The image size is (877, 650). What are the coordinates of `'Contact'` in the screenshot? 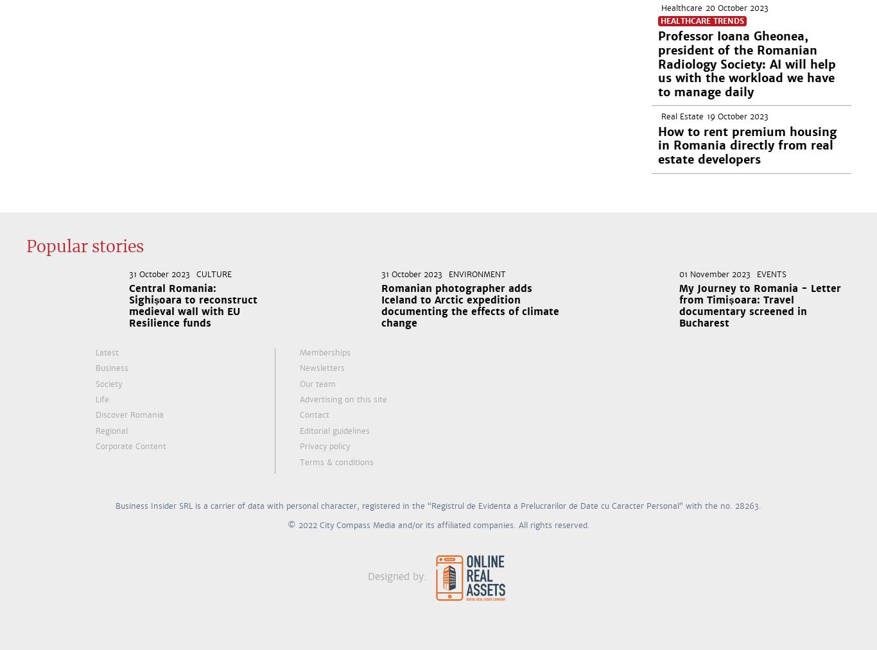 It's located at (314, 415).